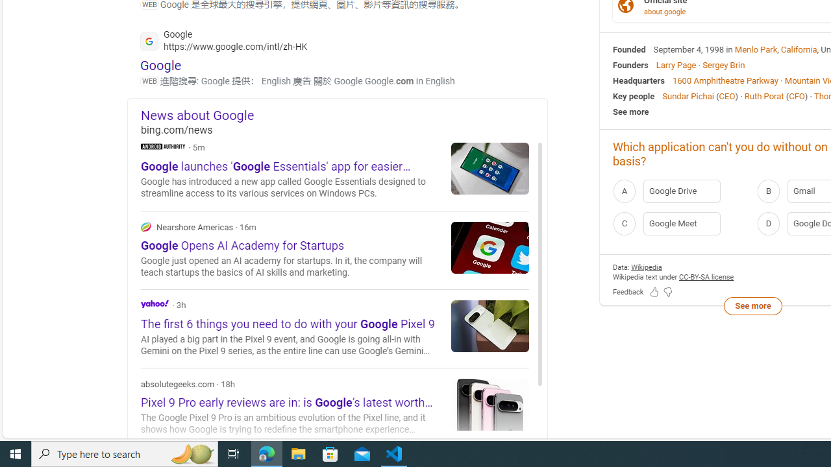  What do you see at coordinates (146, 226) in the screenshot?
I see `'Nearshore Americas'` at bounding box center [146, 226].